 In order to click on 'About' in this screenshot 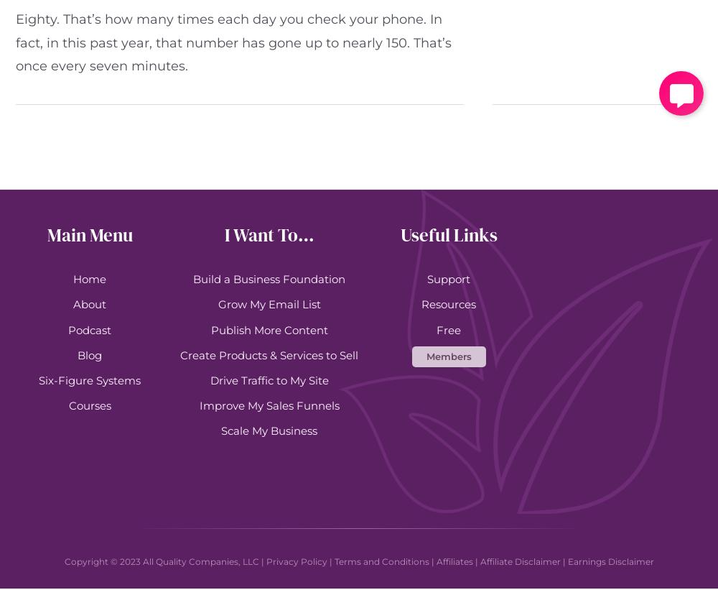, I will do `click(90, 304)`.